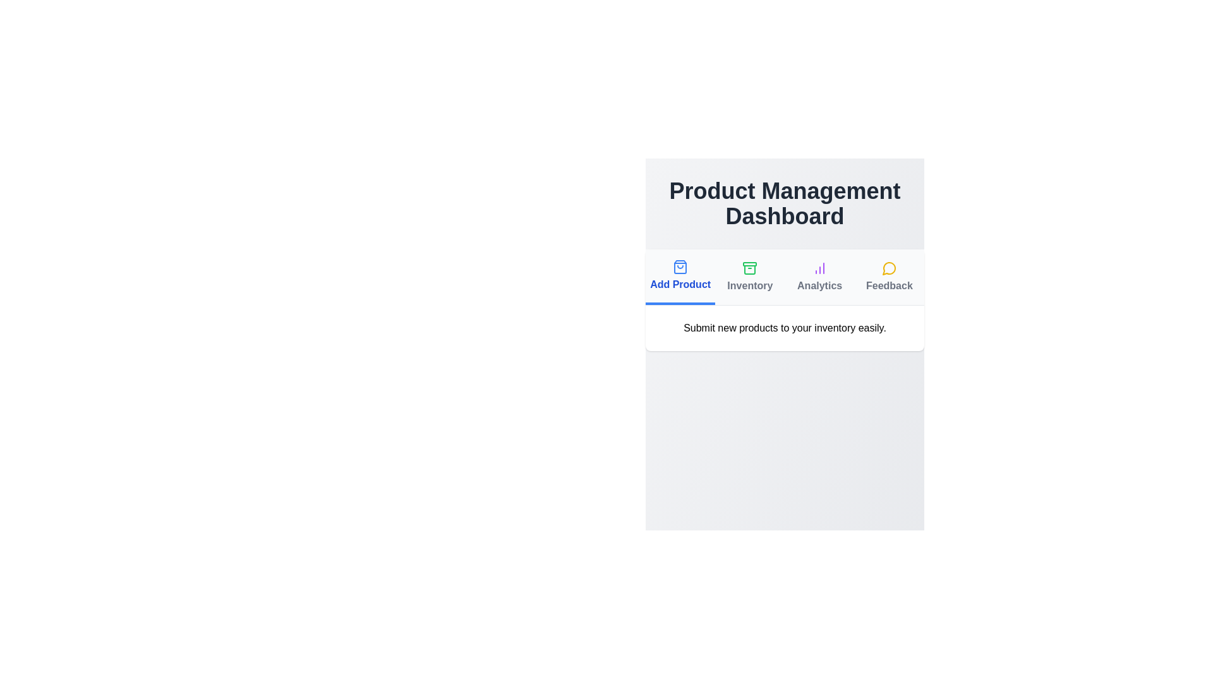 This screenshot has width=1213, height=682. I want to click on the analytics graphical icon, which is the third item in a horizontal row of four icons, positioned between the 'Inventory' and 'Feedback' icons, so click(819, 267).